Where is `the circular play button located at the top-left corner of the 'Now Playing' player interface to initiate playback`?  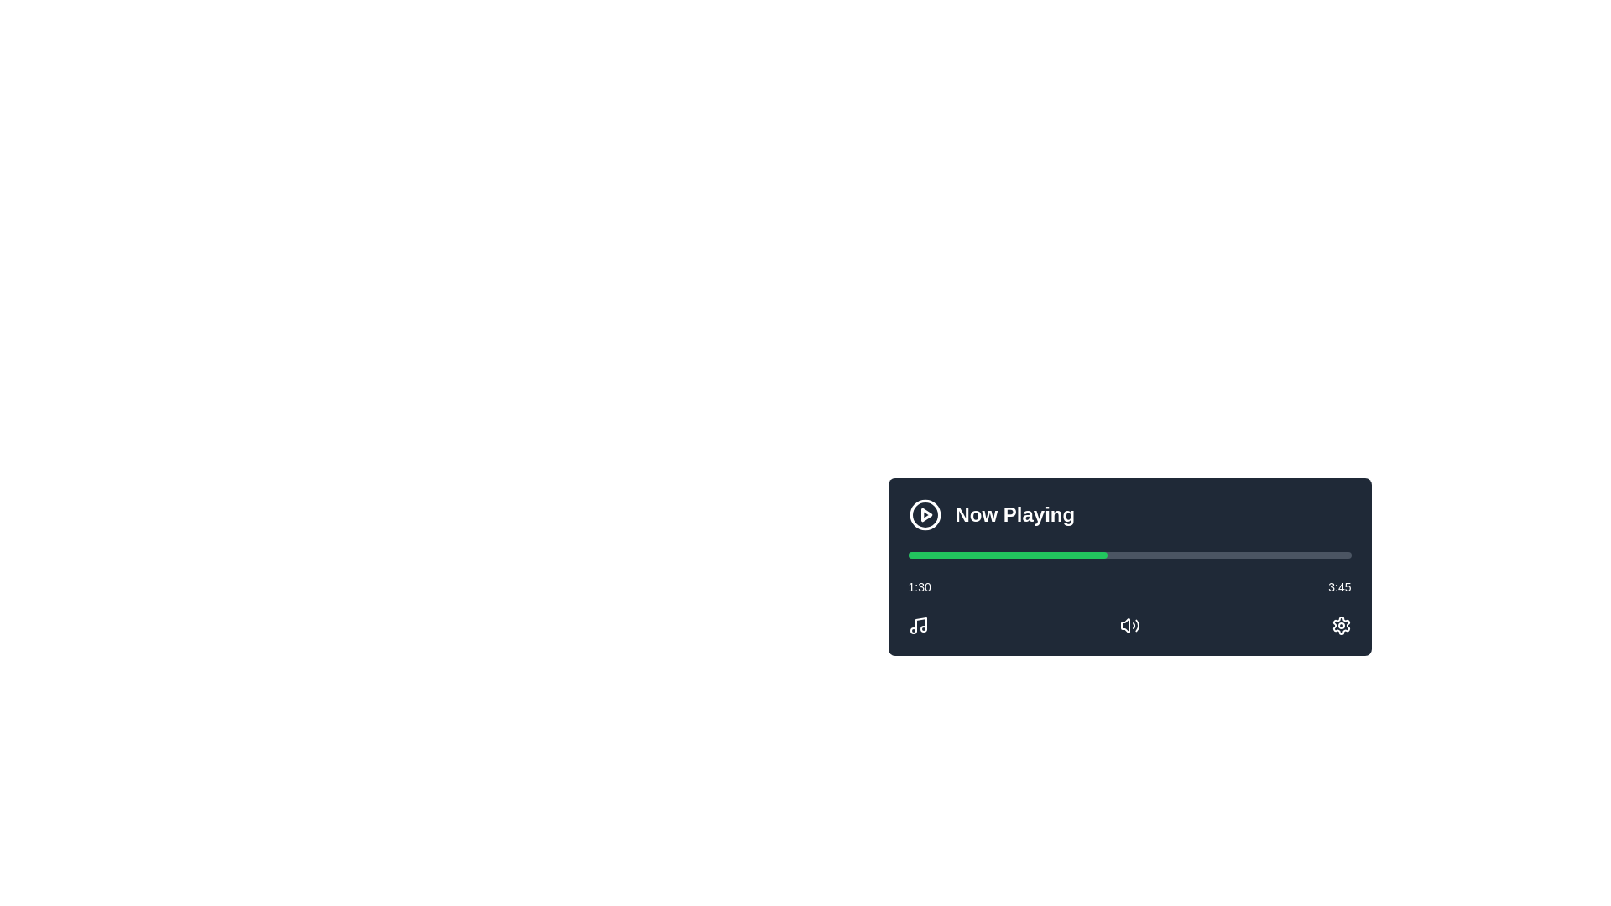 the circular play button located at the top-left corner of the 'Now Playing' player interface to initiate playback is located at coordinates (924, 513).